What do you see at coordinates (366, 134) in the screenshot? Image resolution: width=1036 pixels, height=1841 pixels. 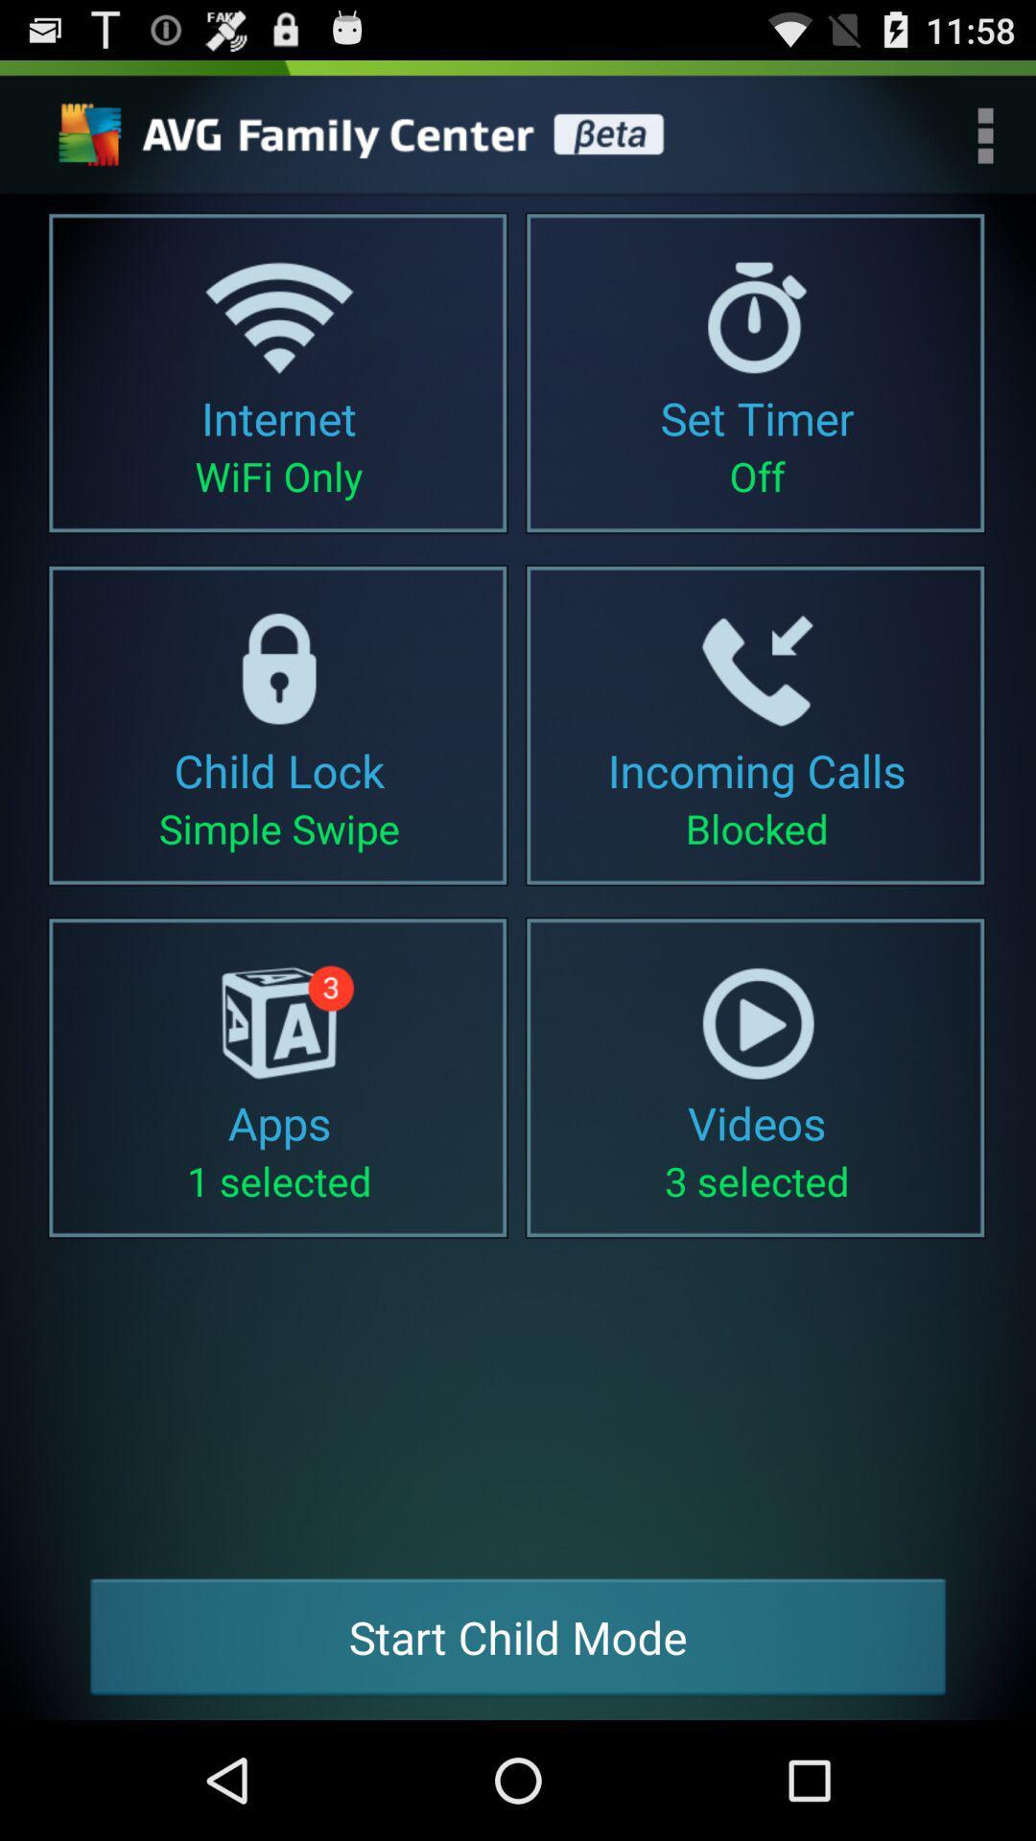 I see `new pega` at bounding box center [366, 134].